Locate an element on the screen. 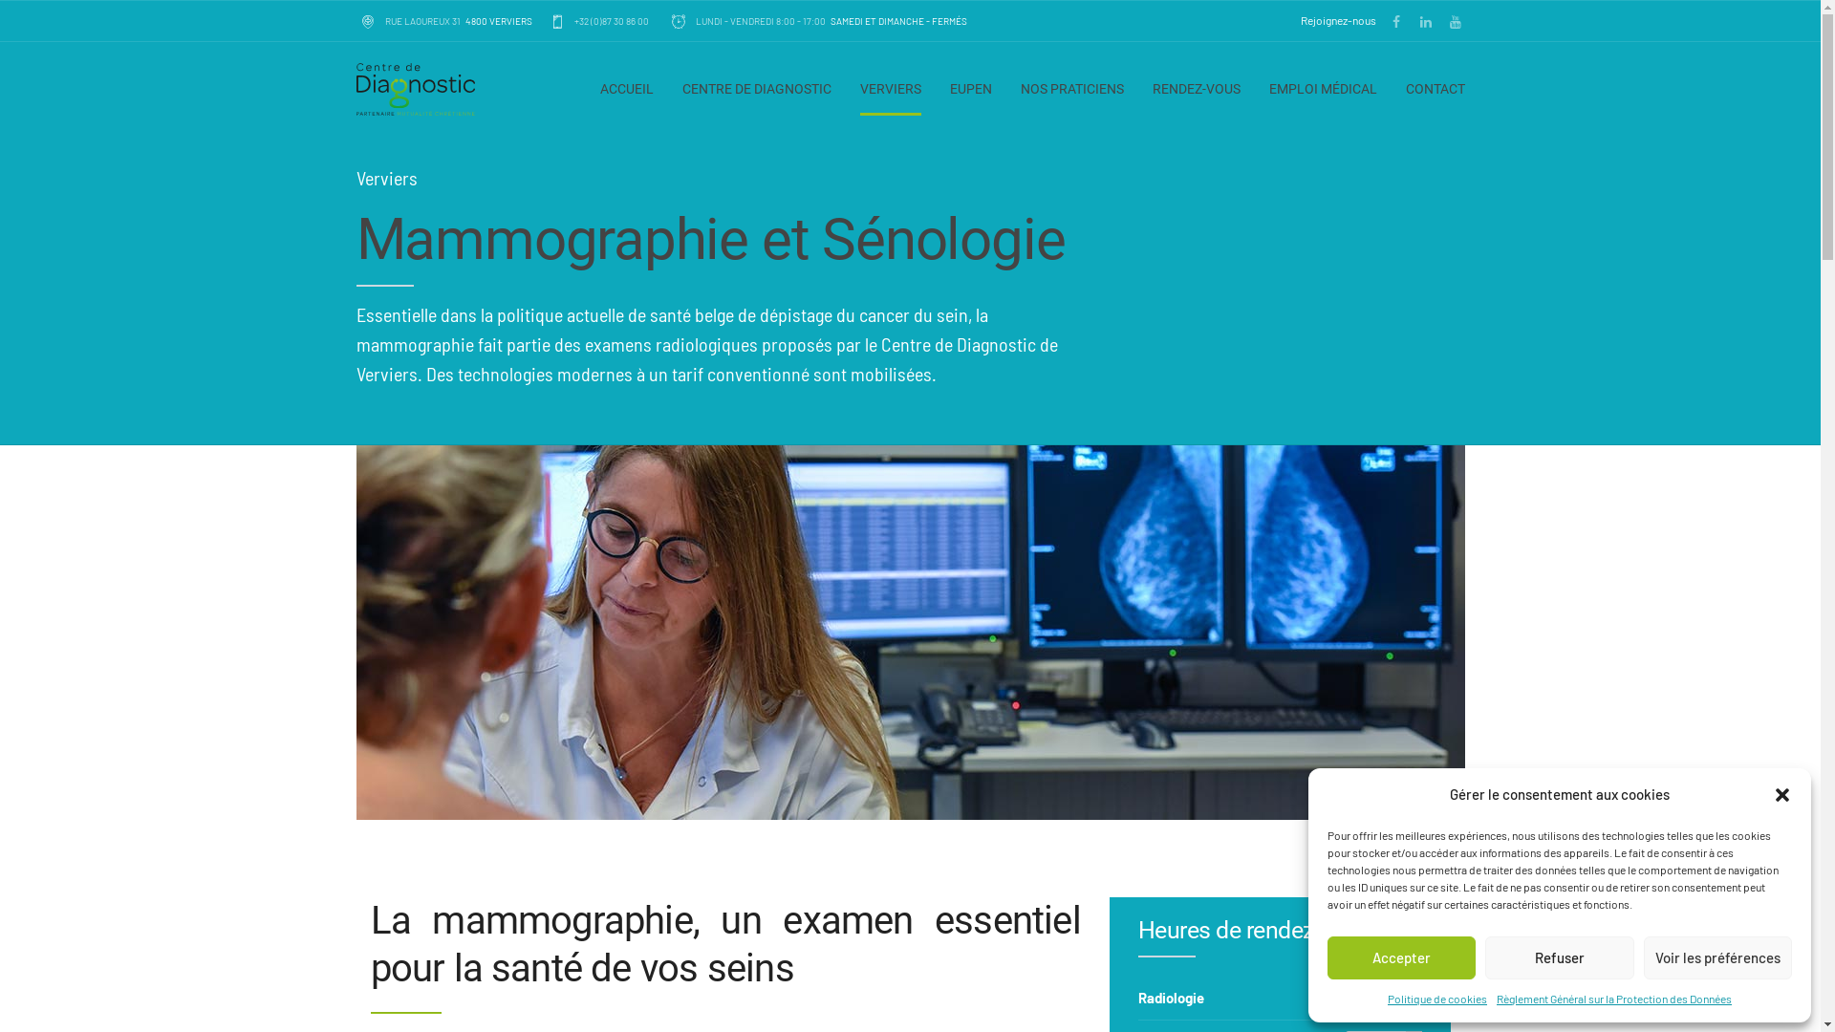 The width and height of the screenshot is (1835, 1032). 'VERVIERS' is located at coordinates (889, 89).